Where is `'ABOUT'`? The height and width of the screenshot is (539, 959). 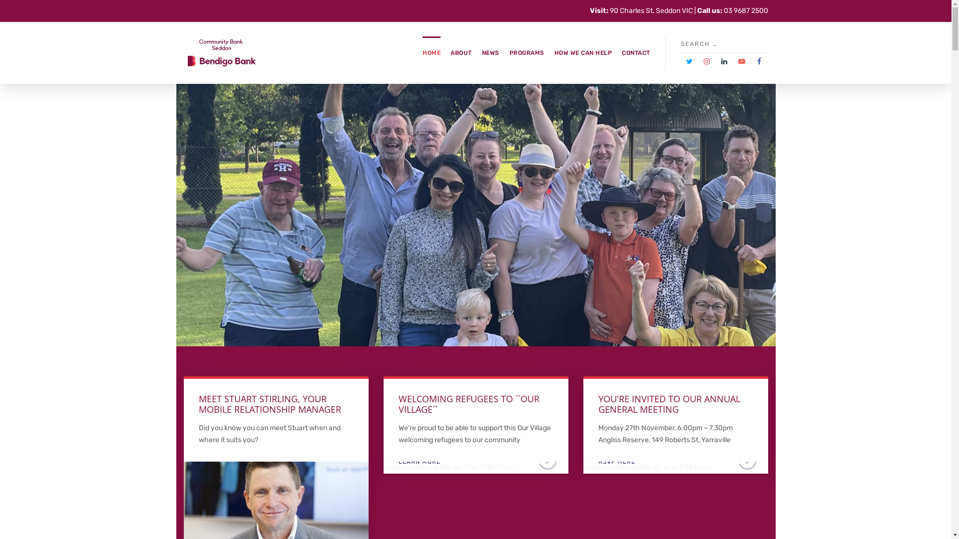 'ABOUT' is located at coordinates (461, 53).